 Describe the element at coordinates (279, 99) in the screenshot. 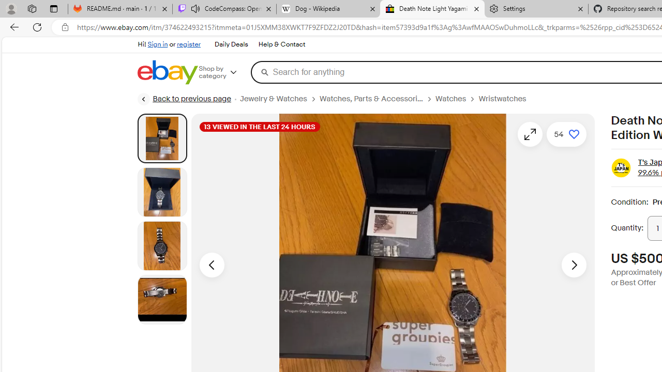

I see `'Jewelry & Watches'` at that location.